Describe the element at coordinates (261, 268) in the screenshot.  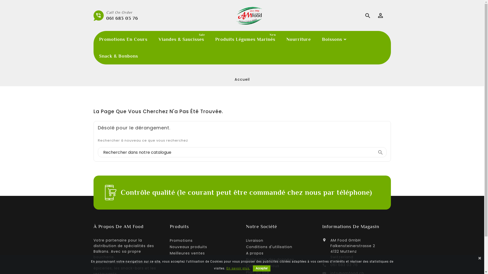
I see `'Accepter'` at that location.